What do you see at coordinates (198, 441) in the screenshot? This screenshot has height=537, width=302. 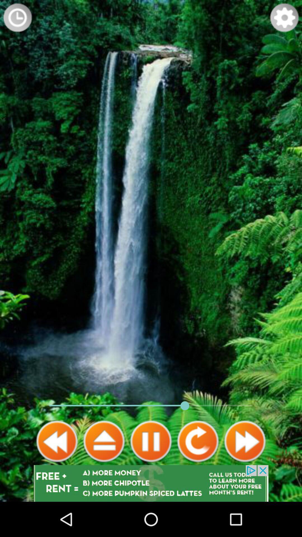 I see `replay` at bounding box center [198, 441].